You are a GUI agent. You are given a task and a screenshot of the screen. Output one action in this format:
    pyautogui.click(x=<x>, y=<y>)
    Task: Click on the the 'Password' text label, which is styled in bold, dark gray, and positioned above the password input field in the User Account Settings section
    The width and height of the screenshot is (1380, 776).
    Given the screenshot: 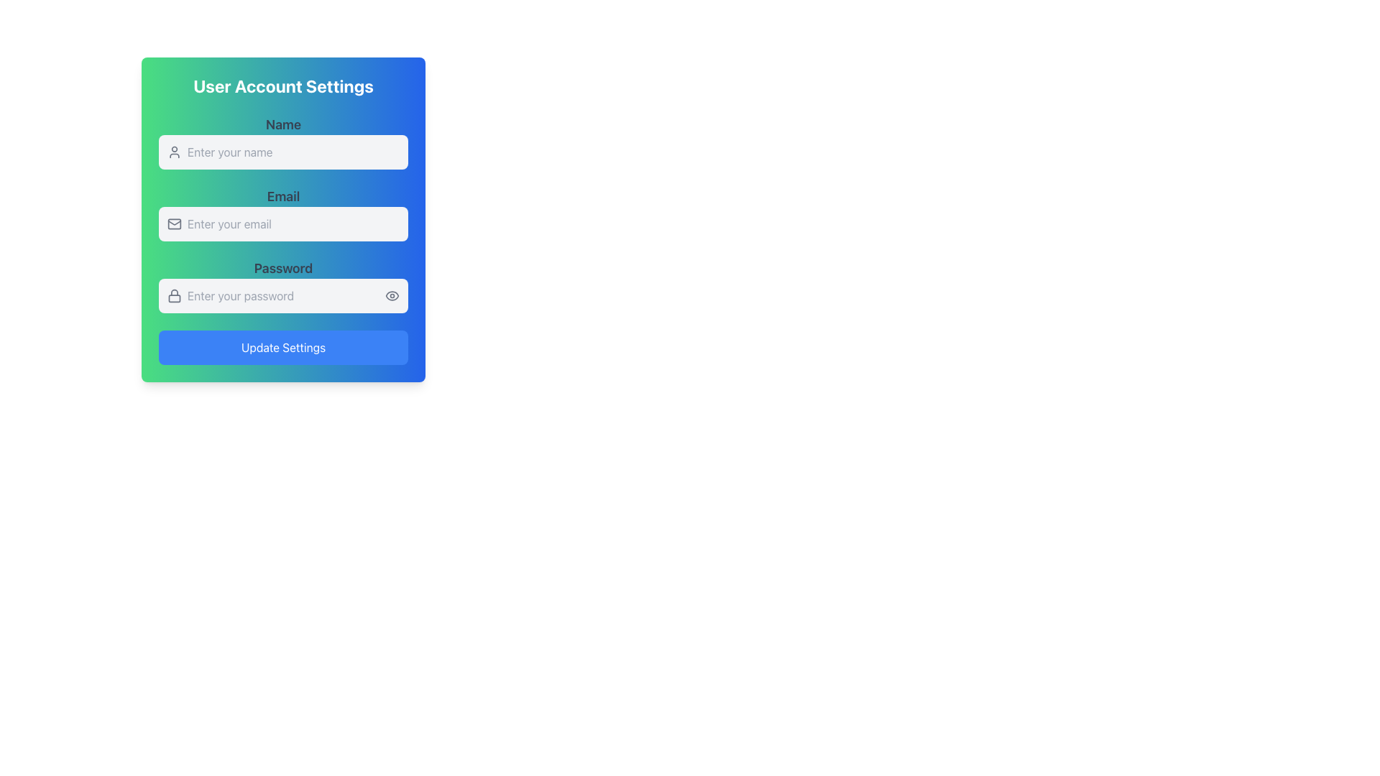 What is the action you would take?
    pyautogui.click(x=283, y=268)
    